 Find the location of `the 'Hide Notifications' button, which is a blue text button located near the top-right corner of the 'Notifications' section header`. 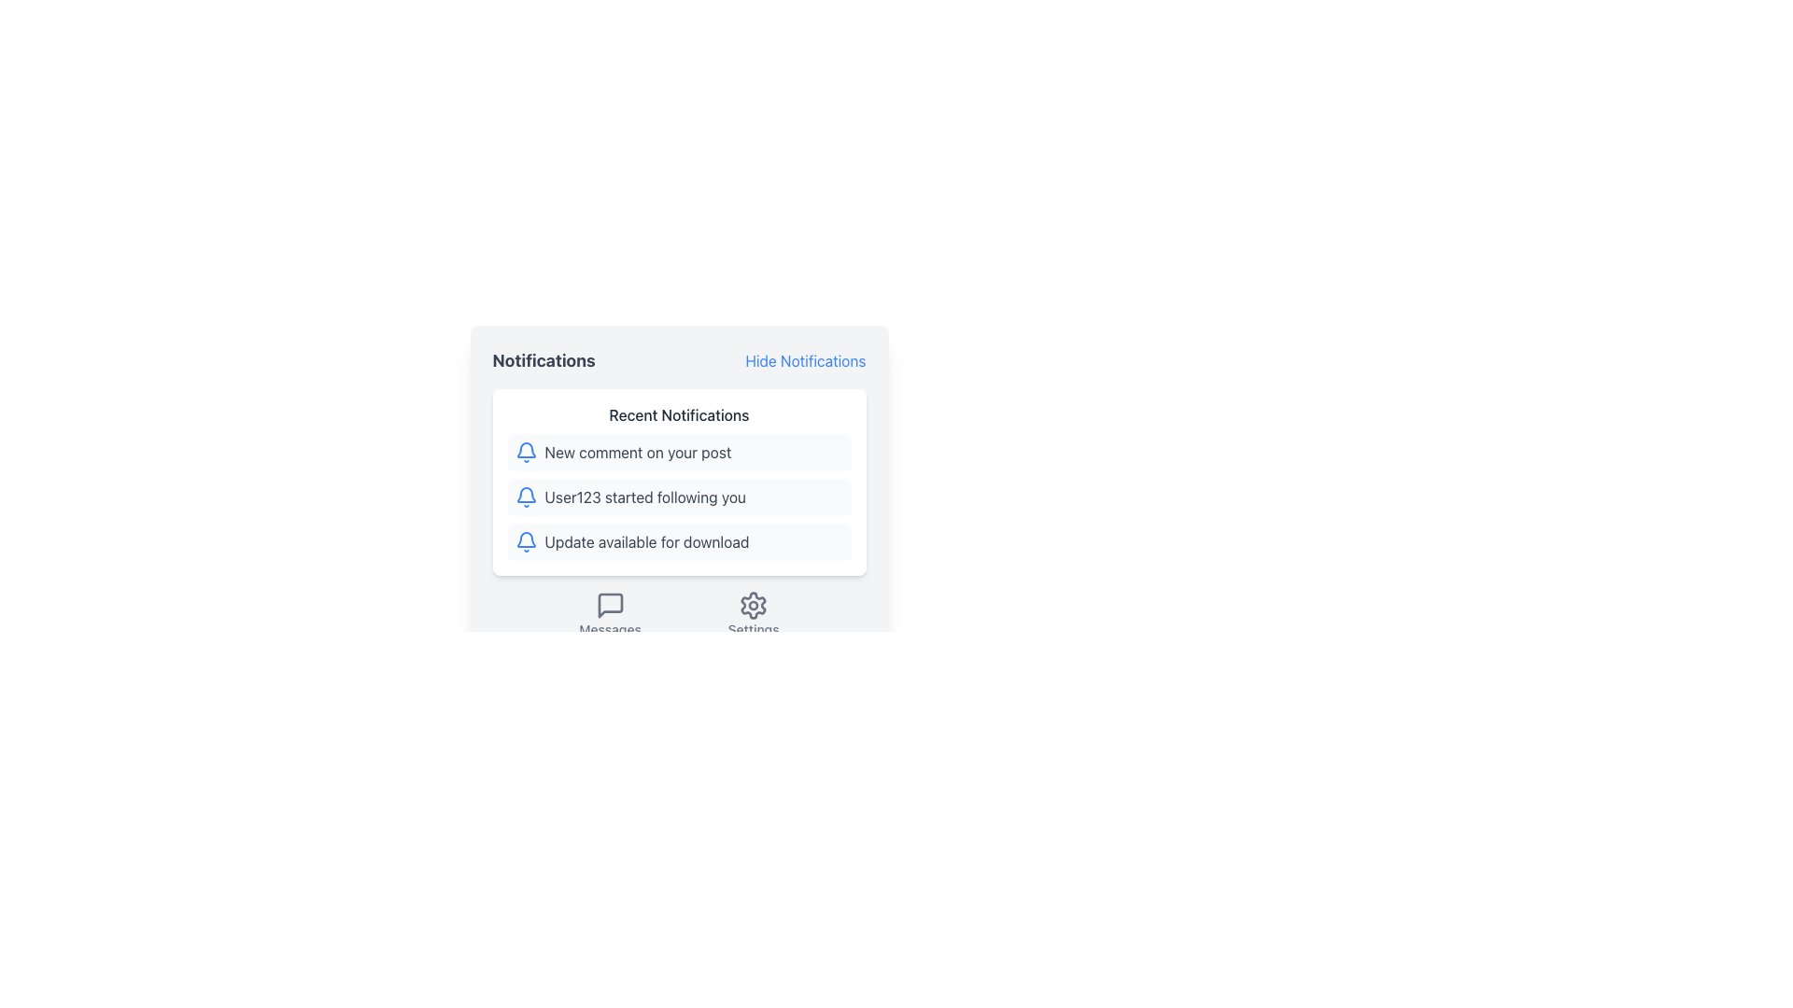

the 'Hide Notifications' button, which is a blue text button located near the top-right corner of the 'Notifications' section header is located at coordinates (805, 360).